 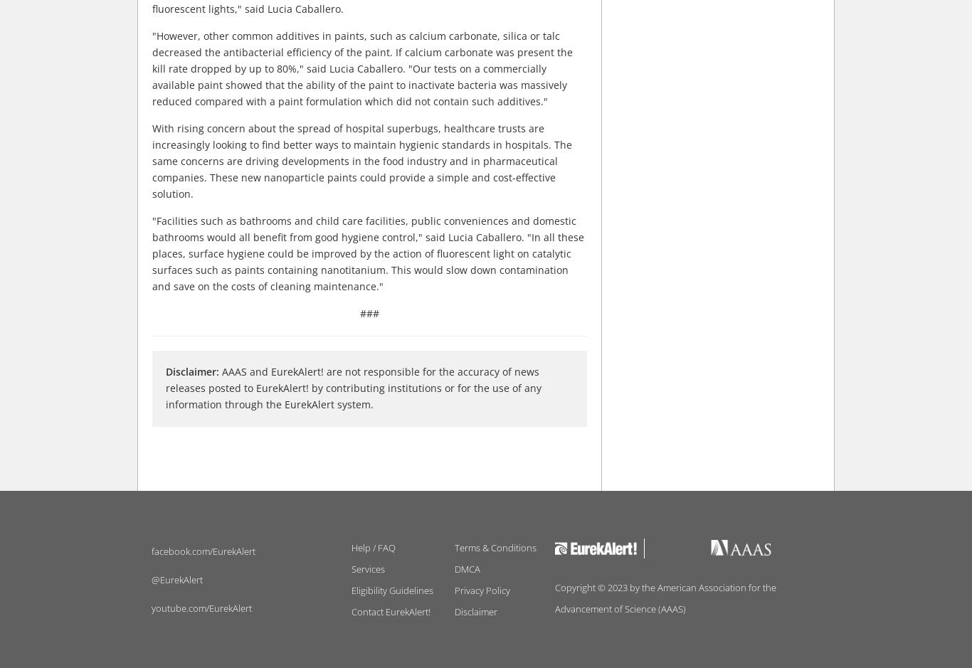 What do you see at coordinates (495, 546) in the screenshot?
I see `'Terms & Conditions'` at bounding box center [495, 546].